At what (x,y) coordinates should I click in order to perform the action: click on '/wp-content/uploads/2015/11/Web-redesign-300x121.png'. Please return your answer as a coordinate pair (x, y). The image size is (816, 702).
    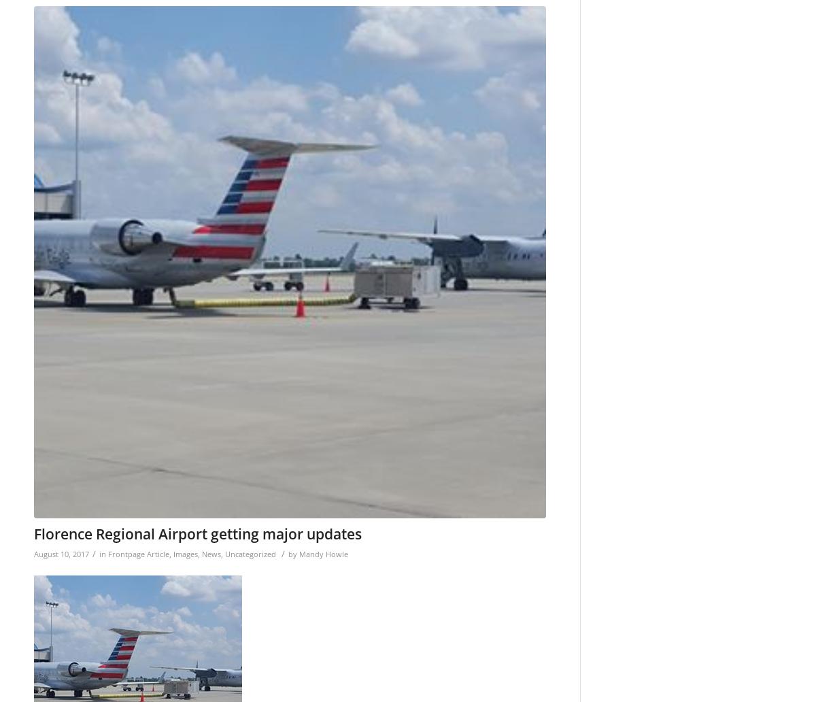
    Looking at the image, I should click on (256, 21).